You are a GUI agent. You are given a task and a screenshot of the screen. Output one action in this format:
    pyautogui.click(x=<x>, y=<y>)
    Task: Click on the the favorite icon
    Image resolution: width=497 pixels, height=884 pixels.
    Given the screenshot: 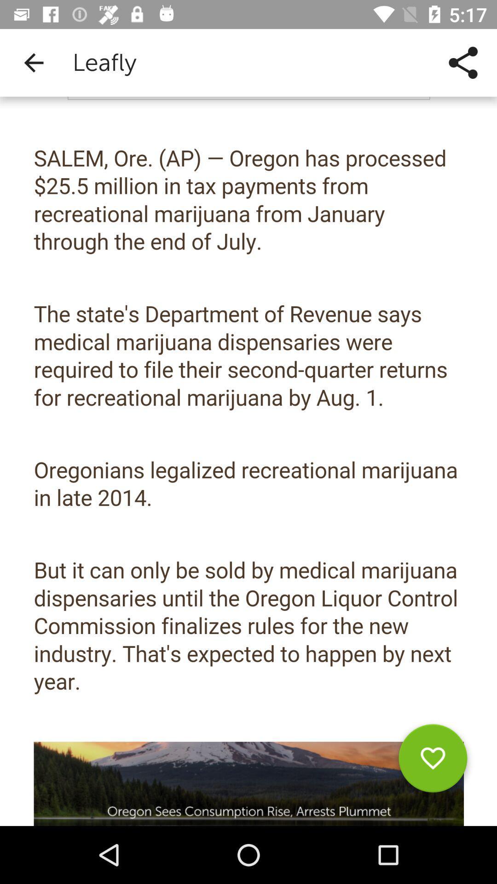 What is the action you would take?
    pyautogui.click(x=433, y=762)
    